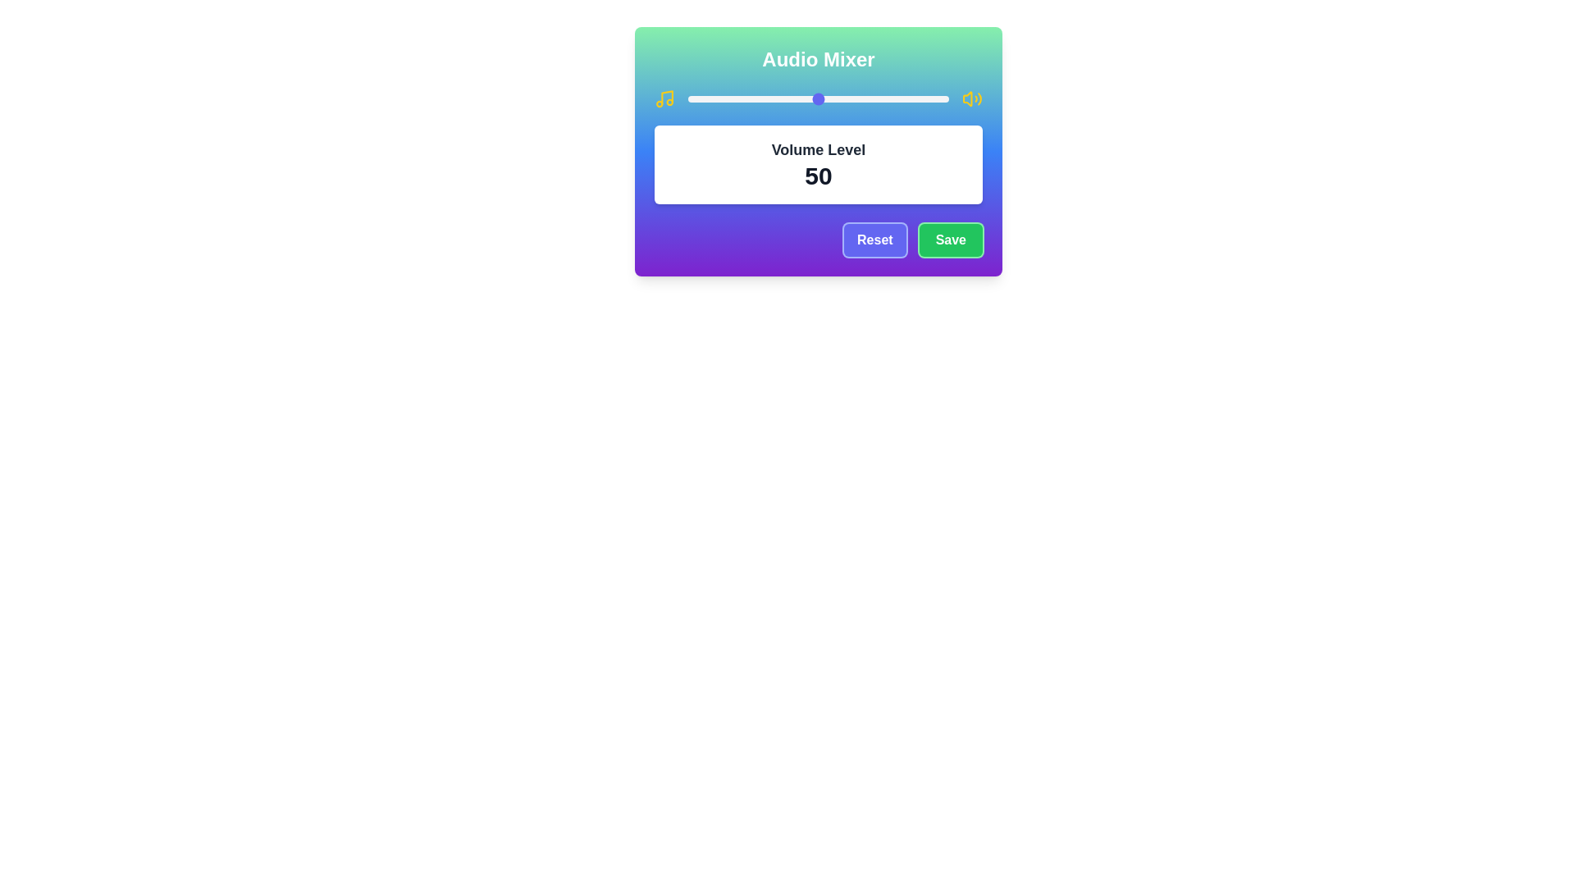 This screenshot has height=886, width=1575. I want to click on the slider, so click(823, 98).